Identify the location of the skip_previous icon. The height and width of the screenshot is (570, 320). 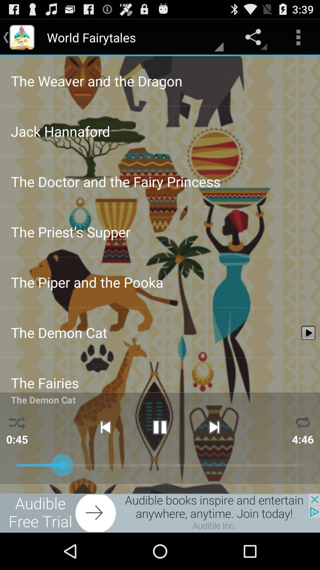
(105, 457).